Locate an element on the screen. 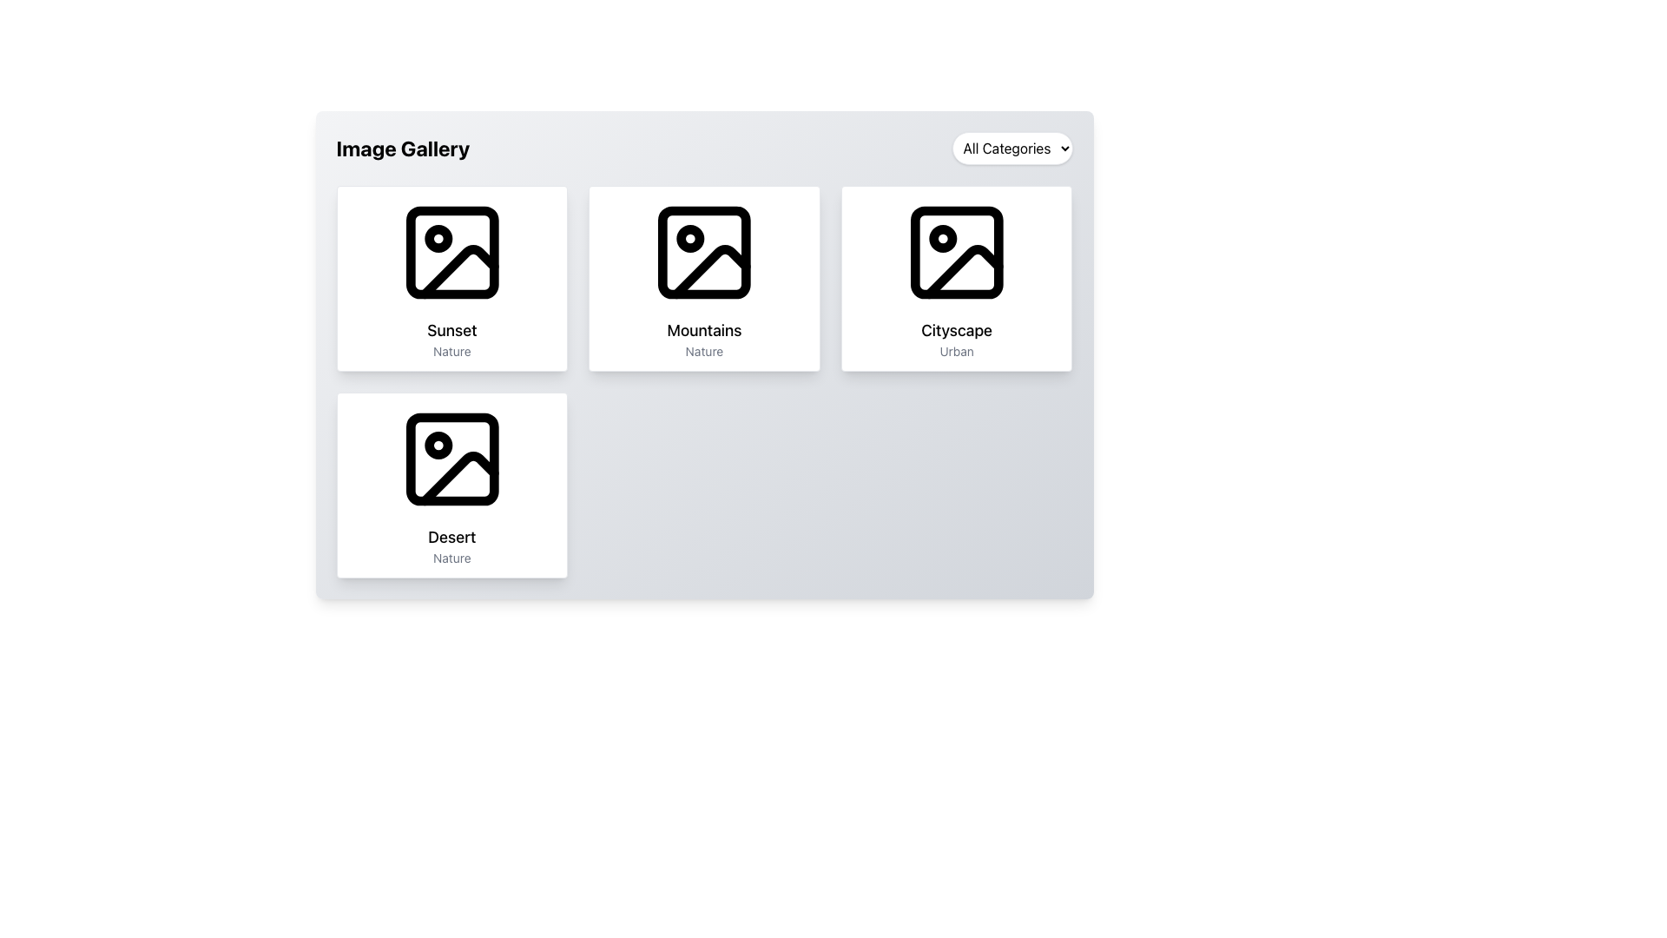 The image size is (1667, 938). the black outline picture icon located on the 'Cityscape' card with the subtitle 'Urban' in the top-right corner of the 'Image Gallery' section is located at coordinates (956, 252).